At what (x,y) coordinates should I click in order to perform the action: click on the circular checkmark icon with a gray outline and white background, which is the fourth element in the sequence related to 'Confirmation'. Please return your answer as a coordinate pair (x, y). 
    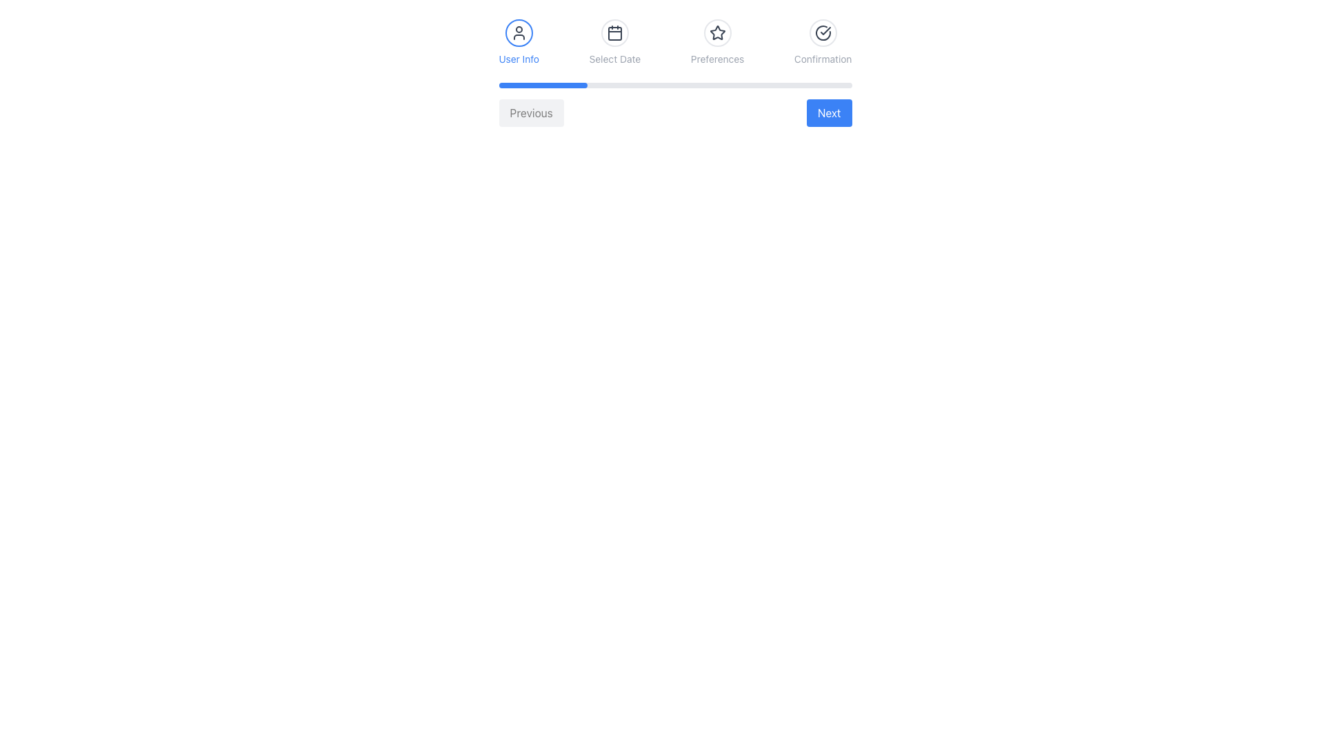
    Looking at the image, I should click on (823, 32).